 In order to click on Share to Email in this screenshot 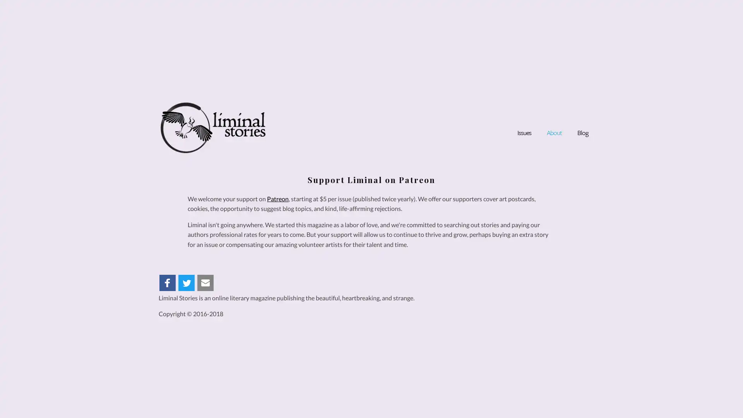, I will do `click(203, 282)`.